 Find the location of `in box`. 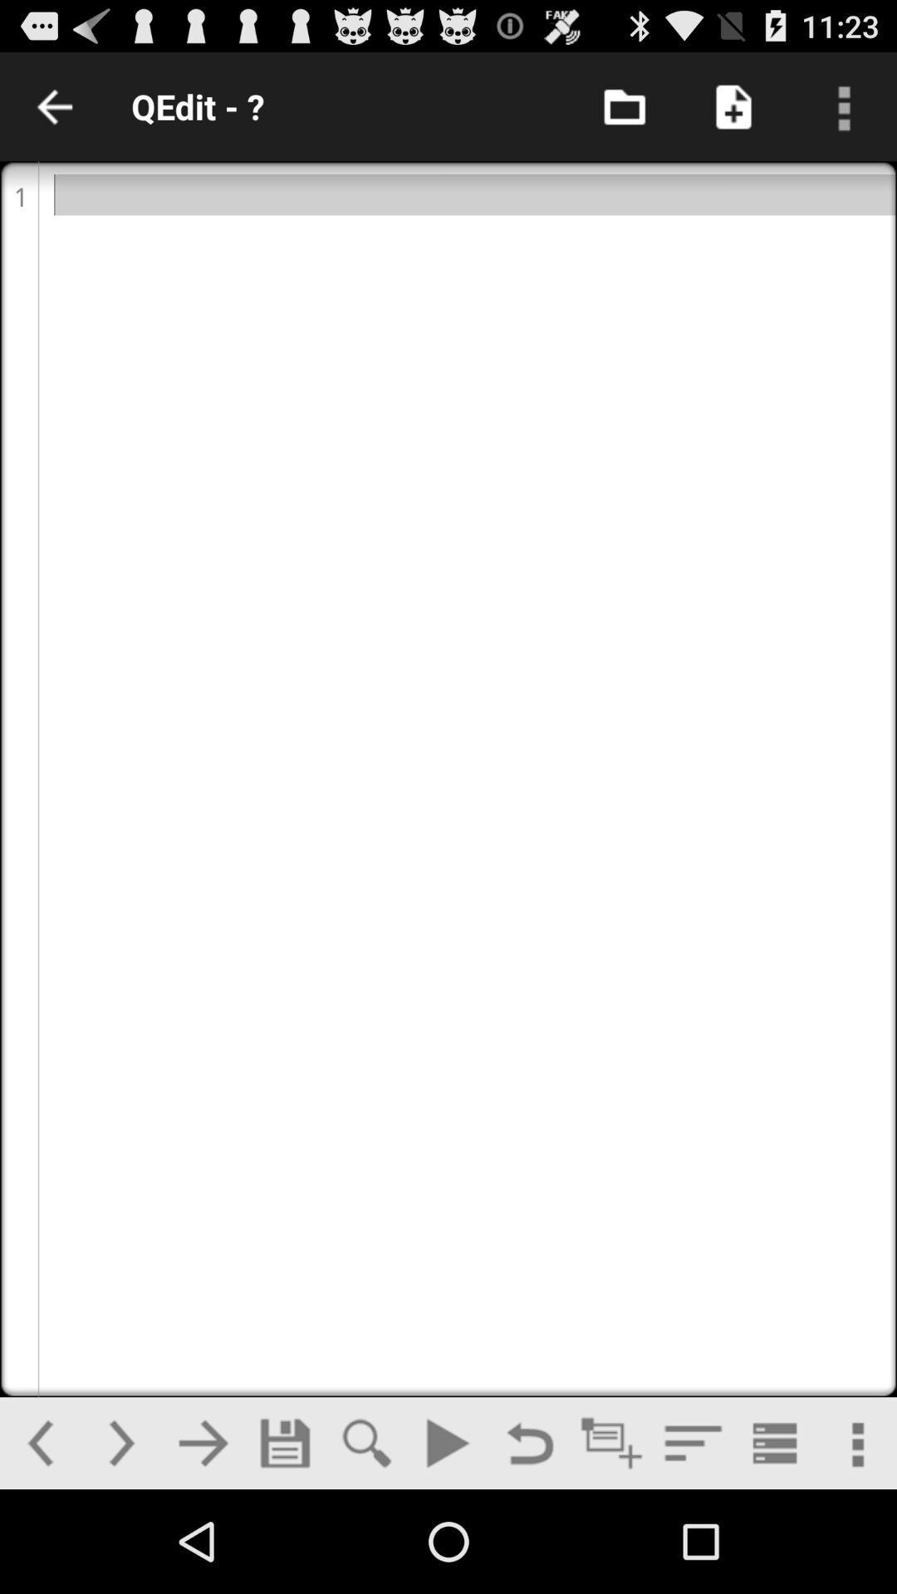

in box is located at coordinates (624, 105).